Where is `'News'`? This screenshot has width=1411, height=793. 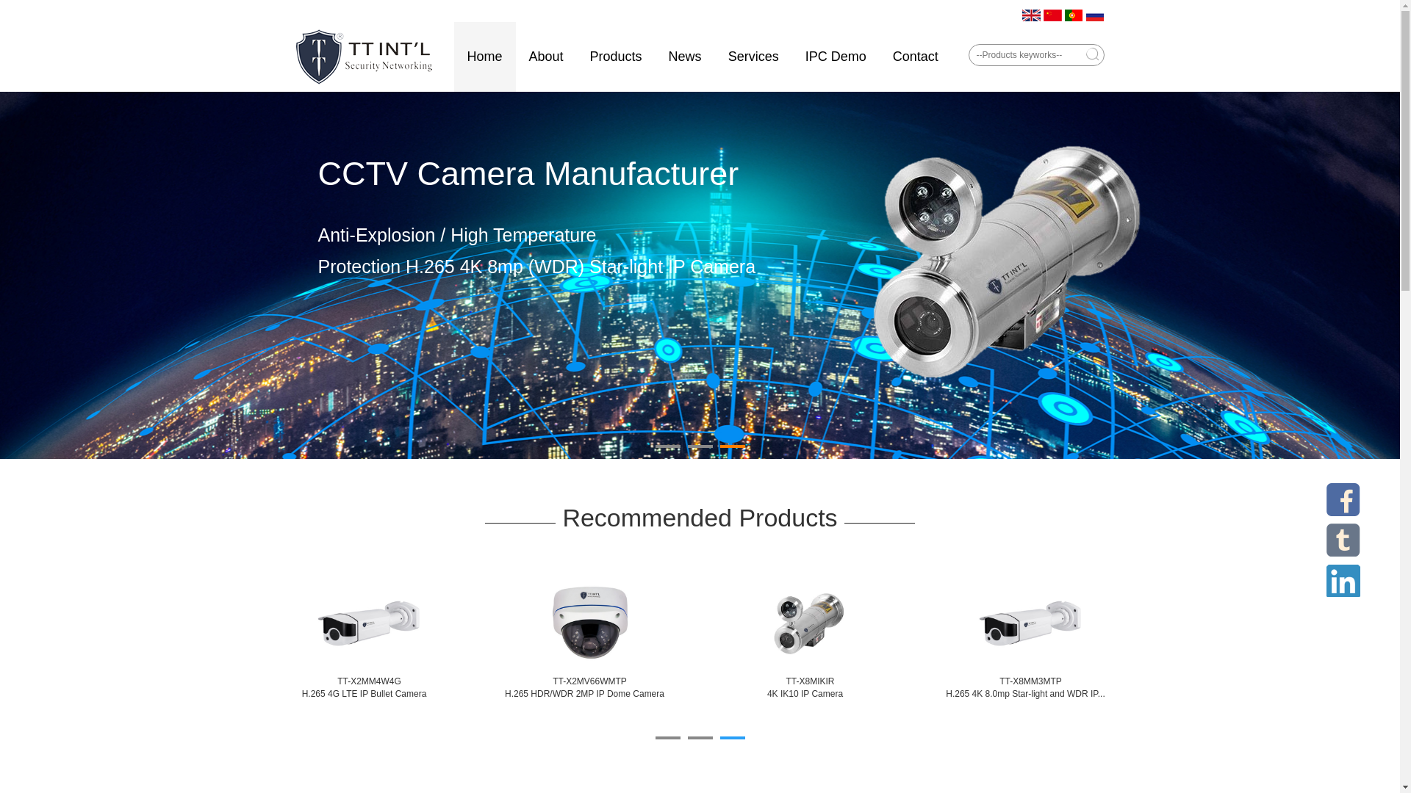
'News' is located at coordinates (684, 56).